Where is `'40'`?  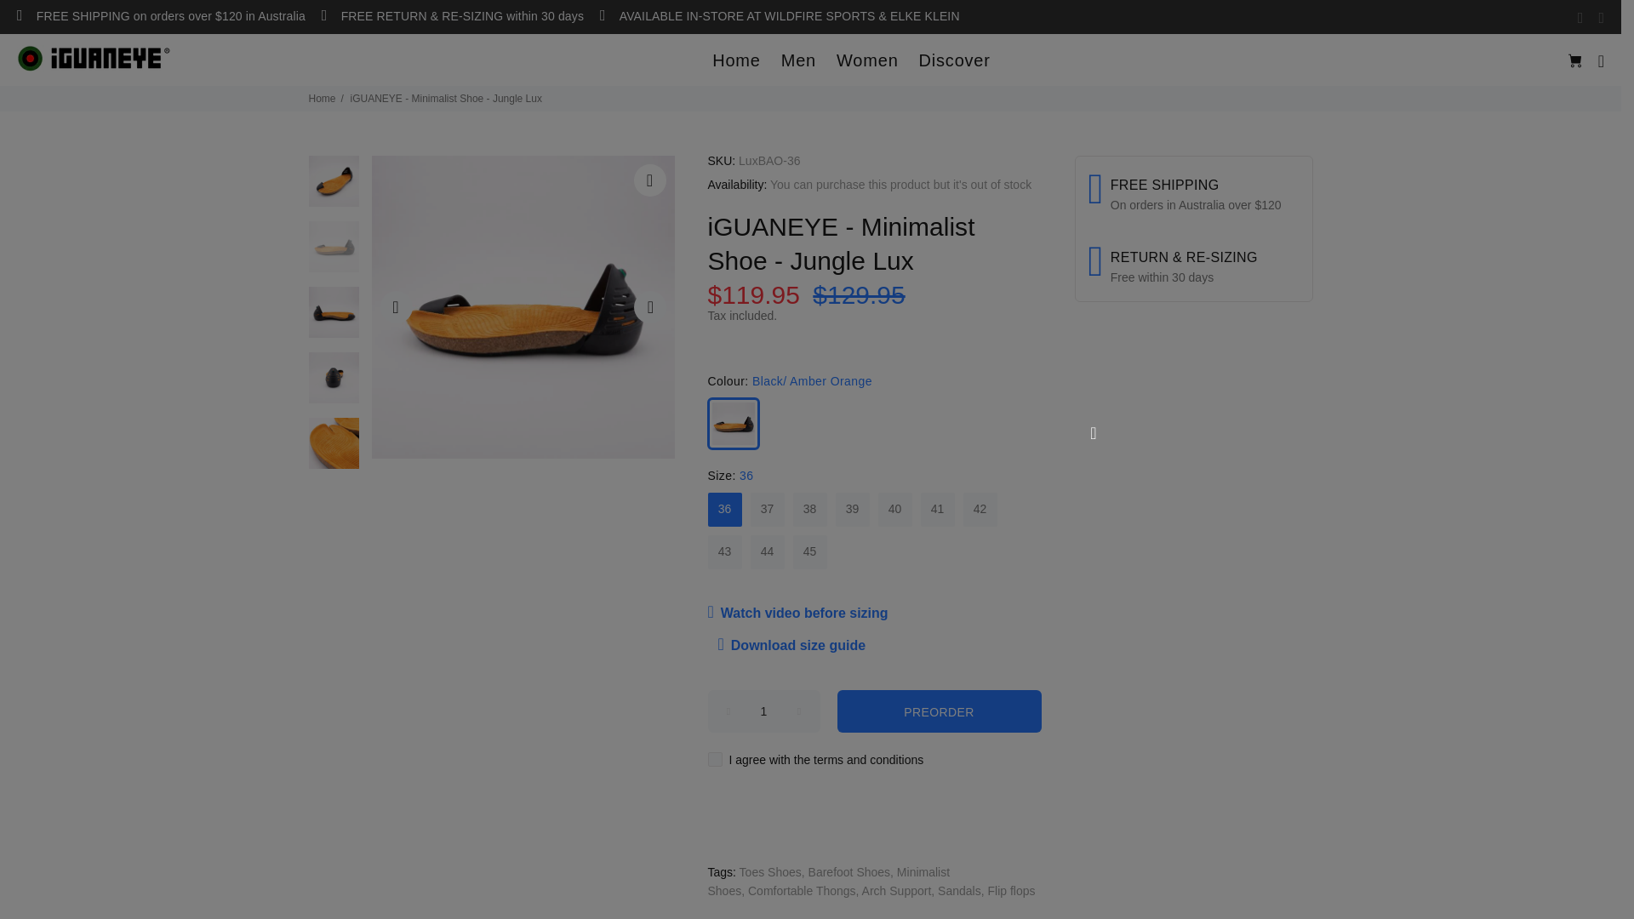 '40' is located at coordinates (894, 508).